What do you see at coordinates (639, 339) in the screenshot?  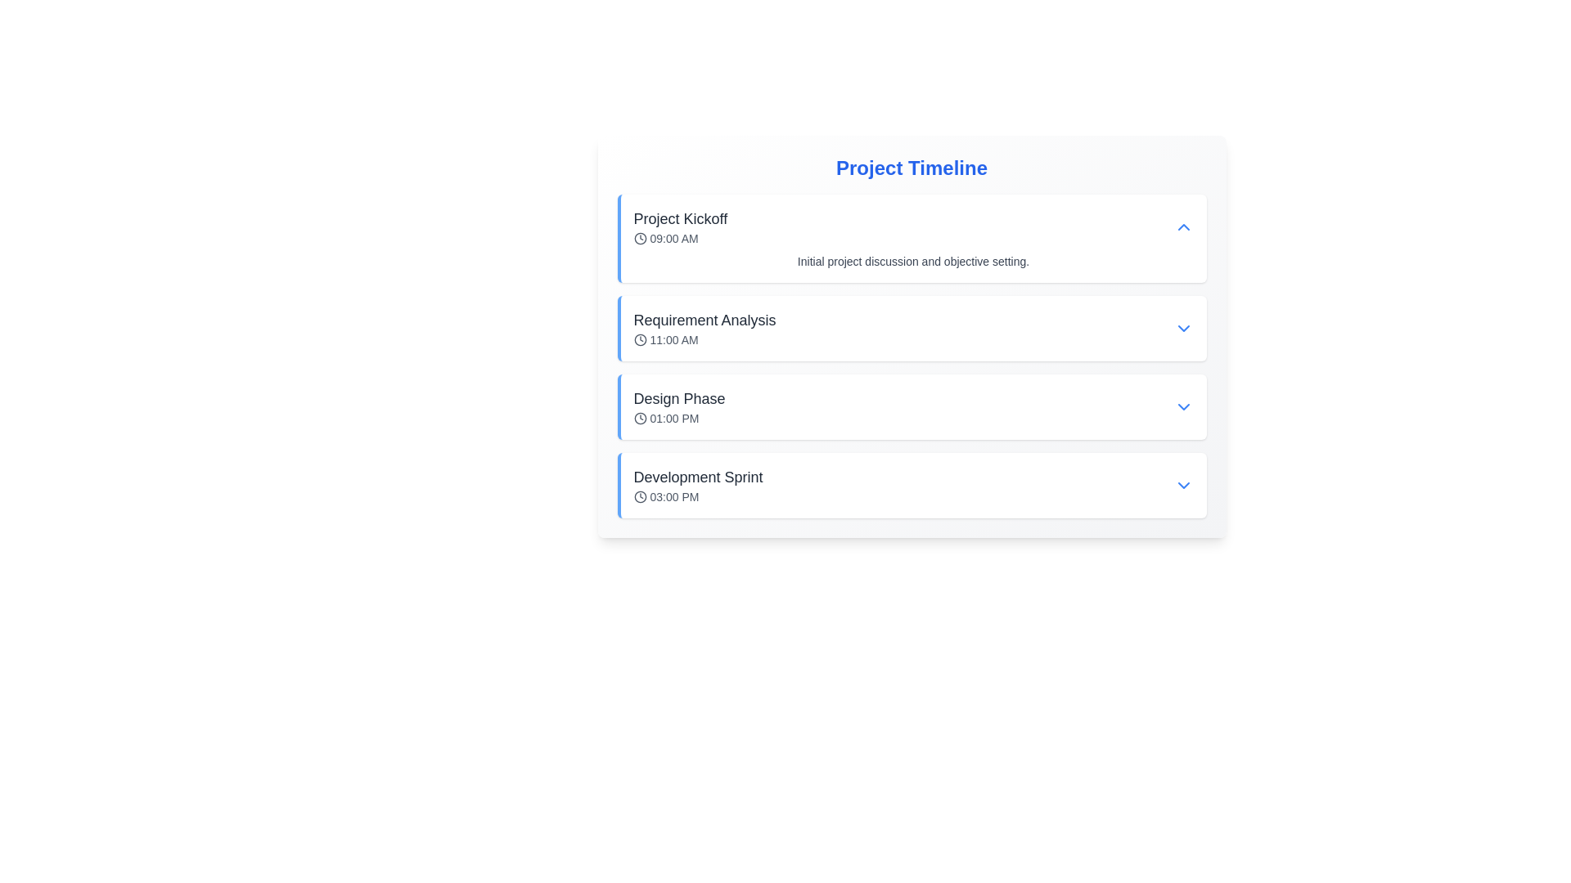 I see `the decorative icon next to the '11:00 AM' time label for the 'Requirement Analysis' item in the 'Project Timeline' list` at bounding box center [639, 339].